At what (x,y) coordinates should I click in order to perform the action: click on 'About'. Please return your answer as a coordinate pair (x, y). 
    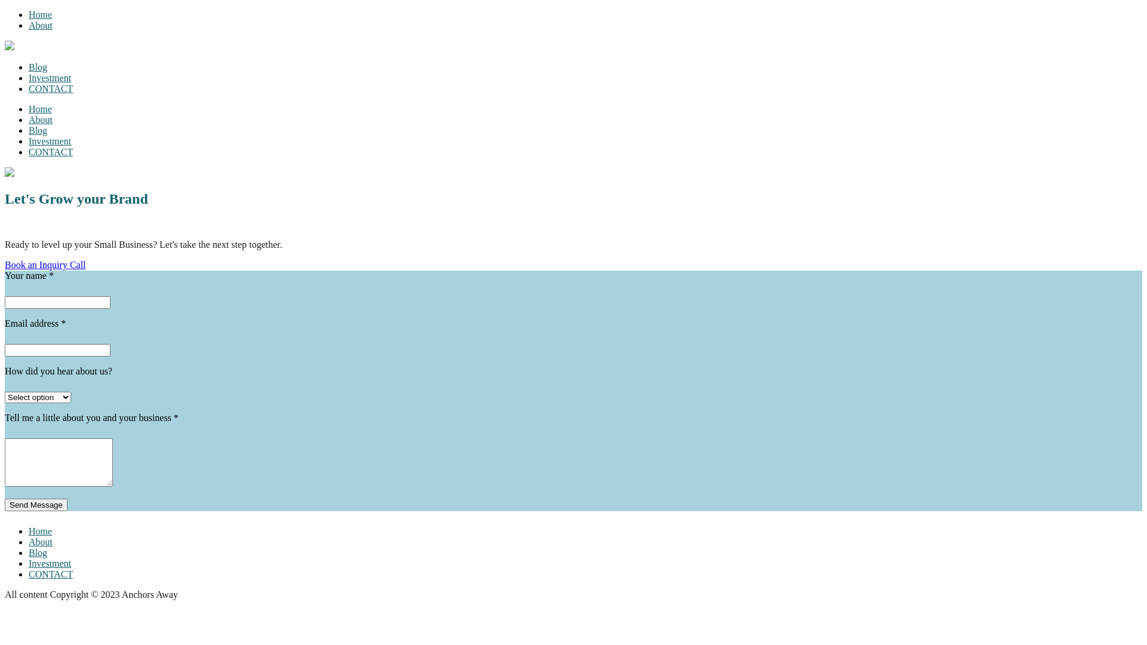
    Looking at the image, I should click on (40, 25).